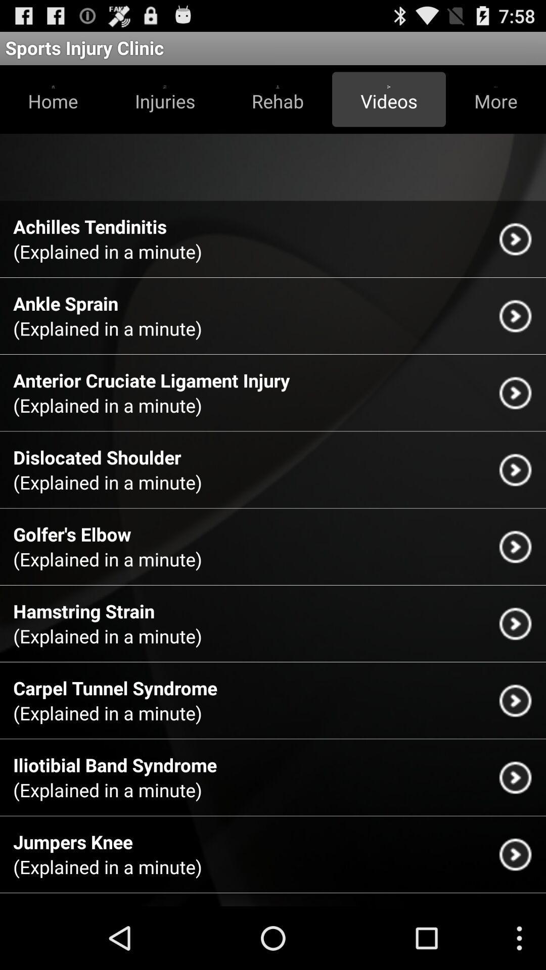 The height and width of the screenshot is (970, 546). I want to click on the app above the explained in a, so click(89, 226).